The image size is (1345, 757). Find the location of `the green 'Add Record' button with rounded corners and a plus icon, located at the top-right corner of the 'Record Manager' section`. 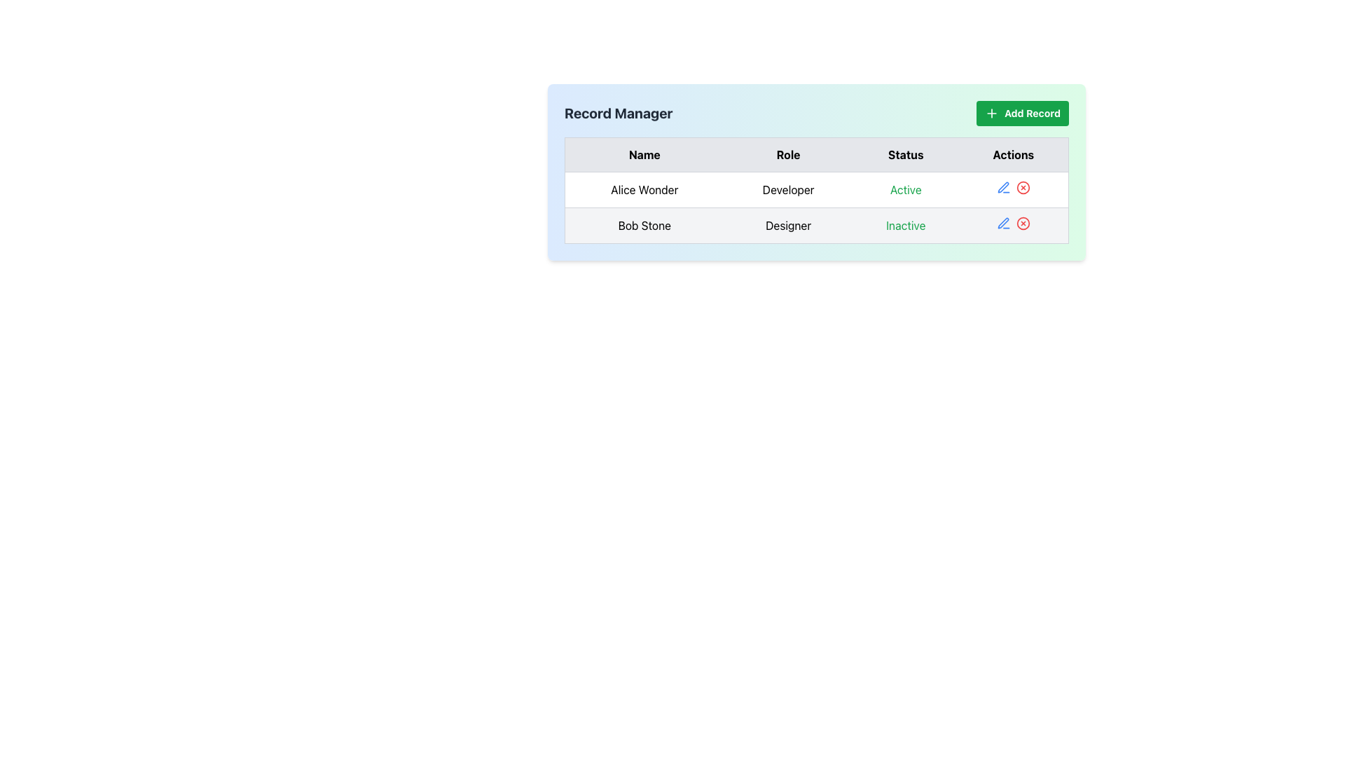

the green 'Add Record' button with rounded corners and a plus icon, located at the top-right corner of the 'Record Manager' section is located at coordinates (1022, 113).